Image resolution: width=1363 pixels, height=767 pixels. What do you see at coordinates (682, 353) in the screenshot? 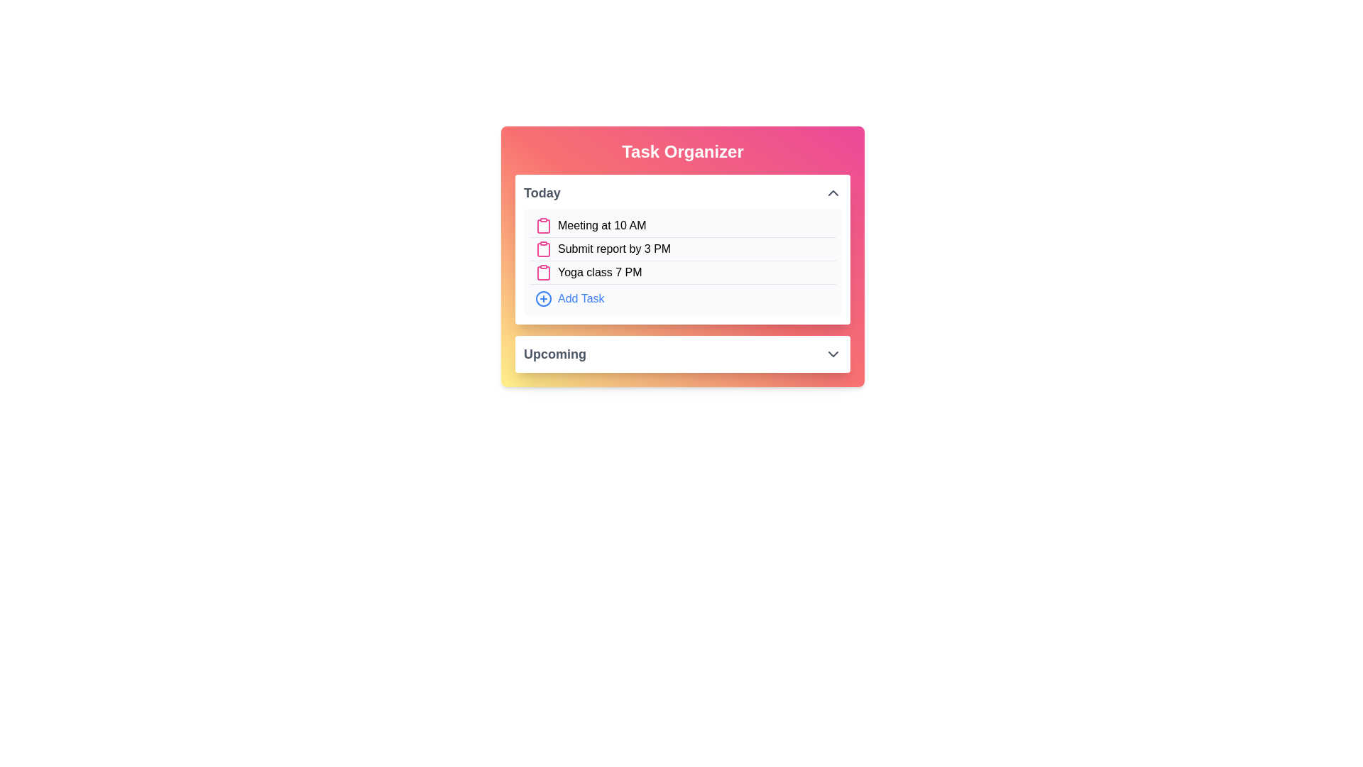
I see `the 'Upcoming' Dropdown button located at the bottom of the task organizer card` at bounding box center [682, 353].